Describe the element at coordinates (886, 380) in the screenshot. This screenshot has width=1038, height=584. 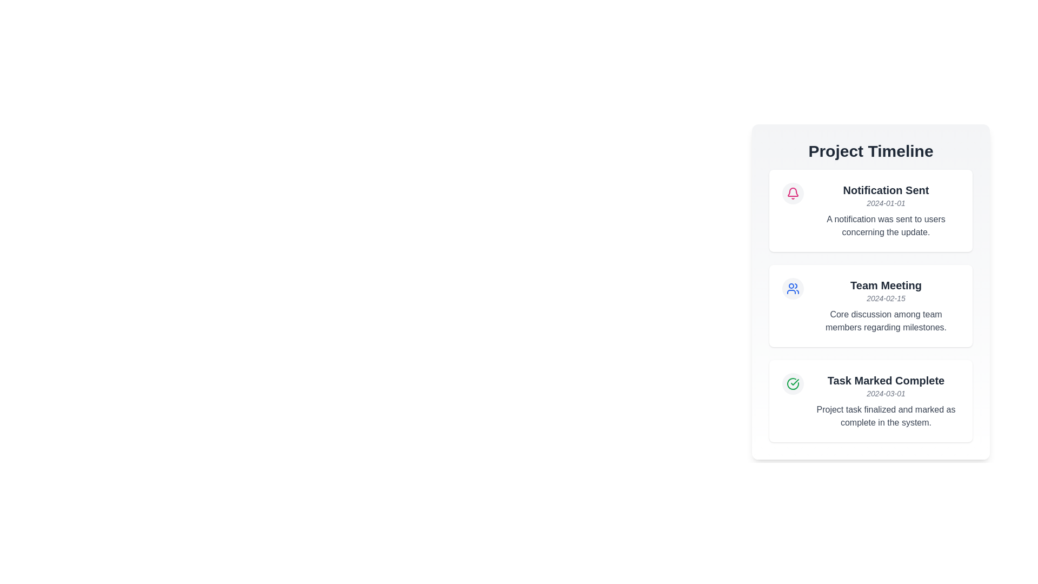
I see `the text element displaying 'Task Marked Complete' located at the top of the third card in the 'Project Timeline' layout` at that location.